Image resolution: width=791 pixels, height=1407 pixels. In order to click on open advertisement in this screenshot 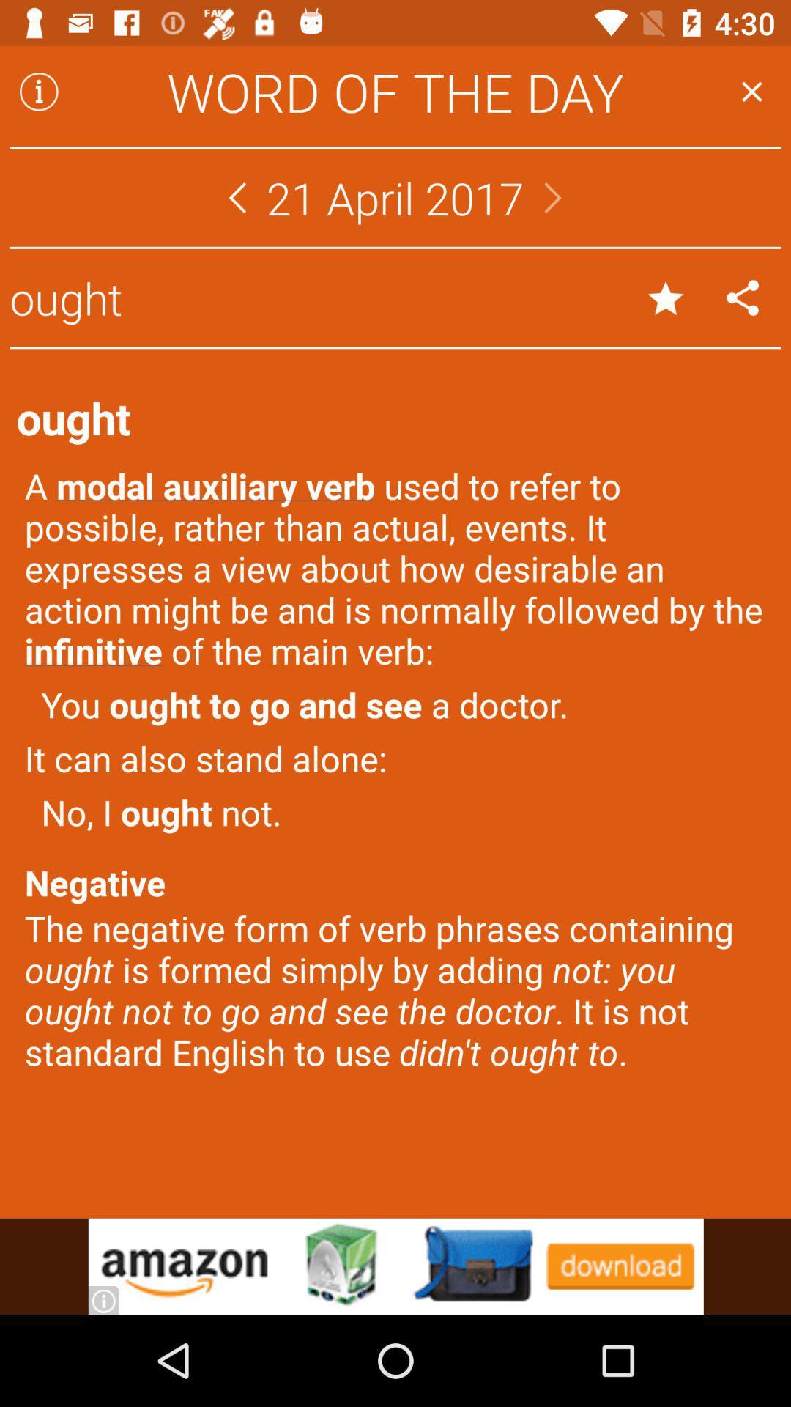, I will do `click(395, 1266)`.